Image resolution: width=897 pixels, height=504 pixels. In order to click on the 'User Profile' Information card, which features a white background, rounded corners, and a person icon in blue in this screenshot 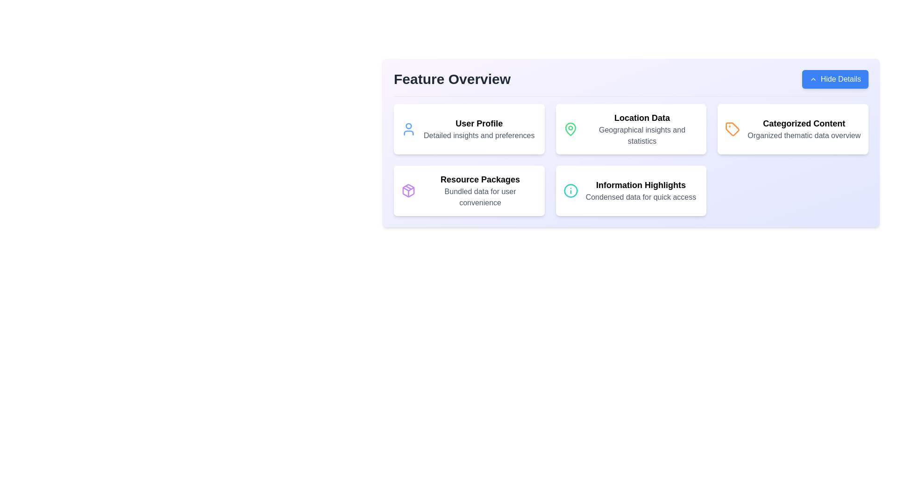, I will do `click(469, 129)`.